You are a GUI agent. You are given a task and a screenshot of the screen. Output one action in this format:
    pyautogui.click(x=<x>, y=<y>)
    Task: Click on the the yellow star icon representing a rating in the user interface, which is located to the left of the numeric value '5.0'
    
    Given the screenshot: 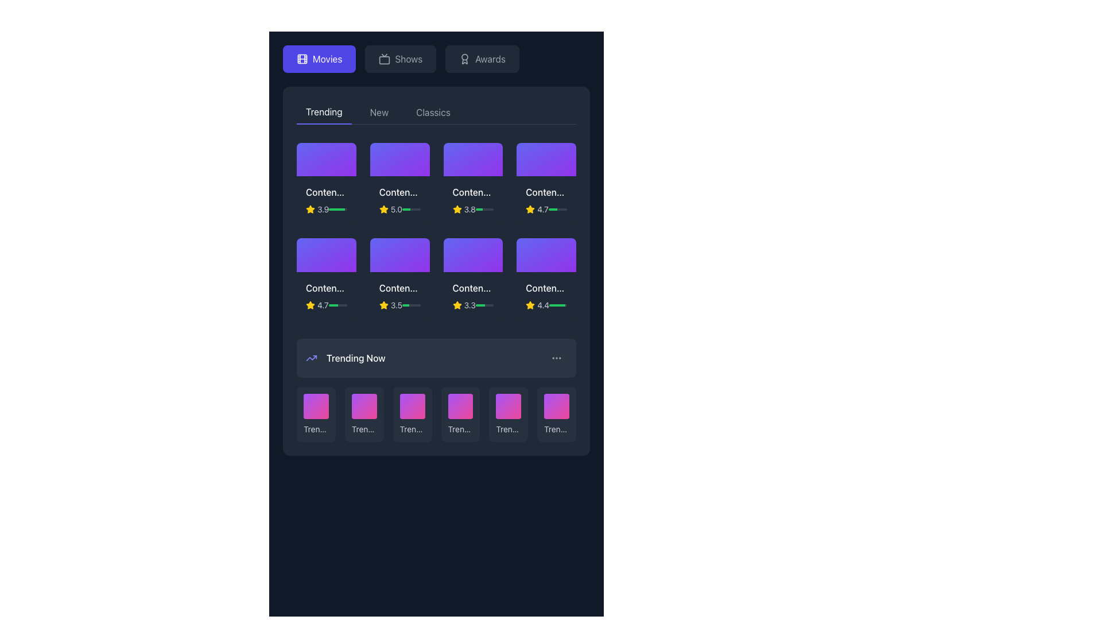 What is the action you would take?
    pyautogui.click(x=383, y=210)
    